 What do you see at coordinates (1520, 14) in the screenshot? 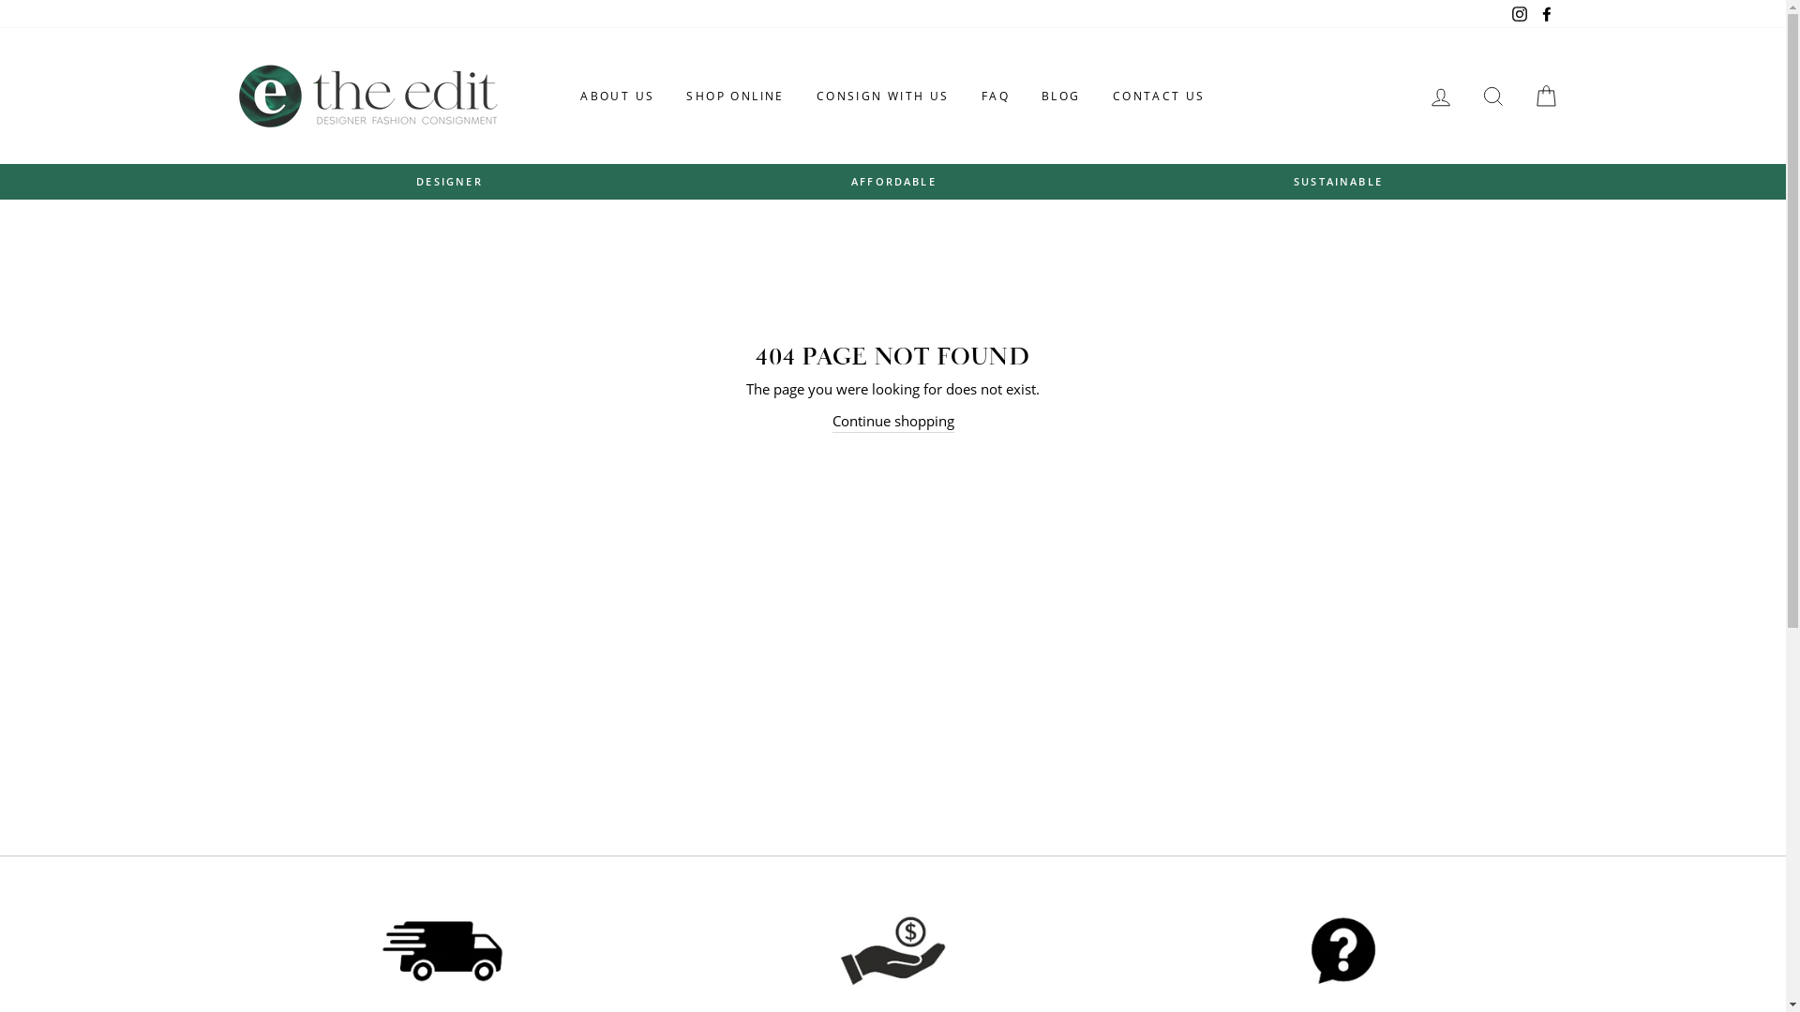
I see `'Instagram'` at bounding box center [1520, 14].